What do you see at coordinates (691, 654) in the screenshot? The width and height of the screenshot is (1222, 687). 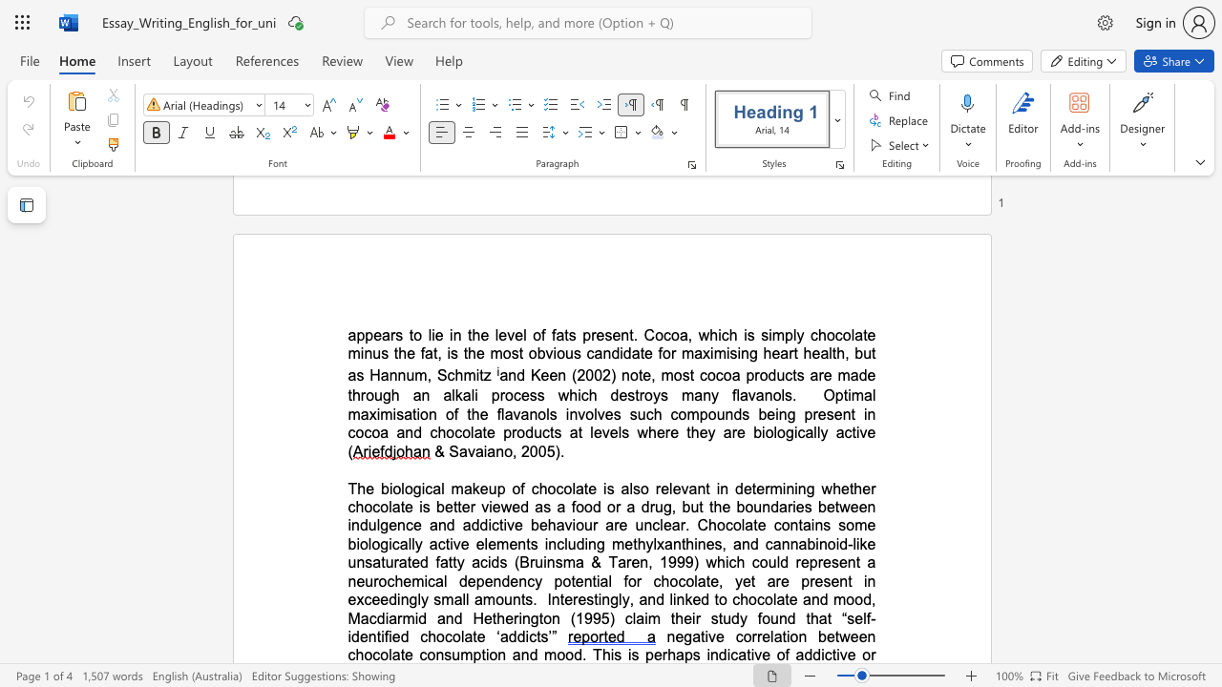 I see `the subset text "s i" within the text "perhaps indicative"` at bounding box center [691, 654].